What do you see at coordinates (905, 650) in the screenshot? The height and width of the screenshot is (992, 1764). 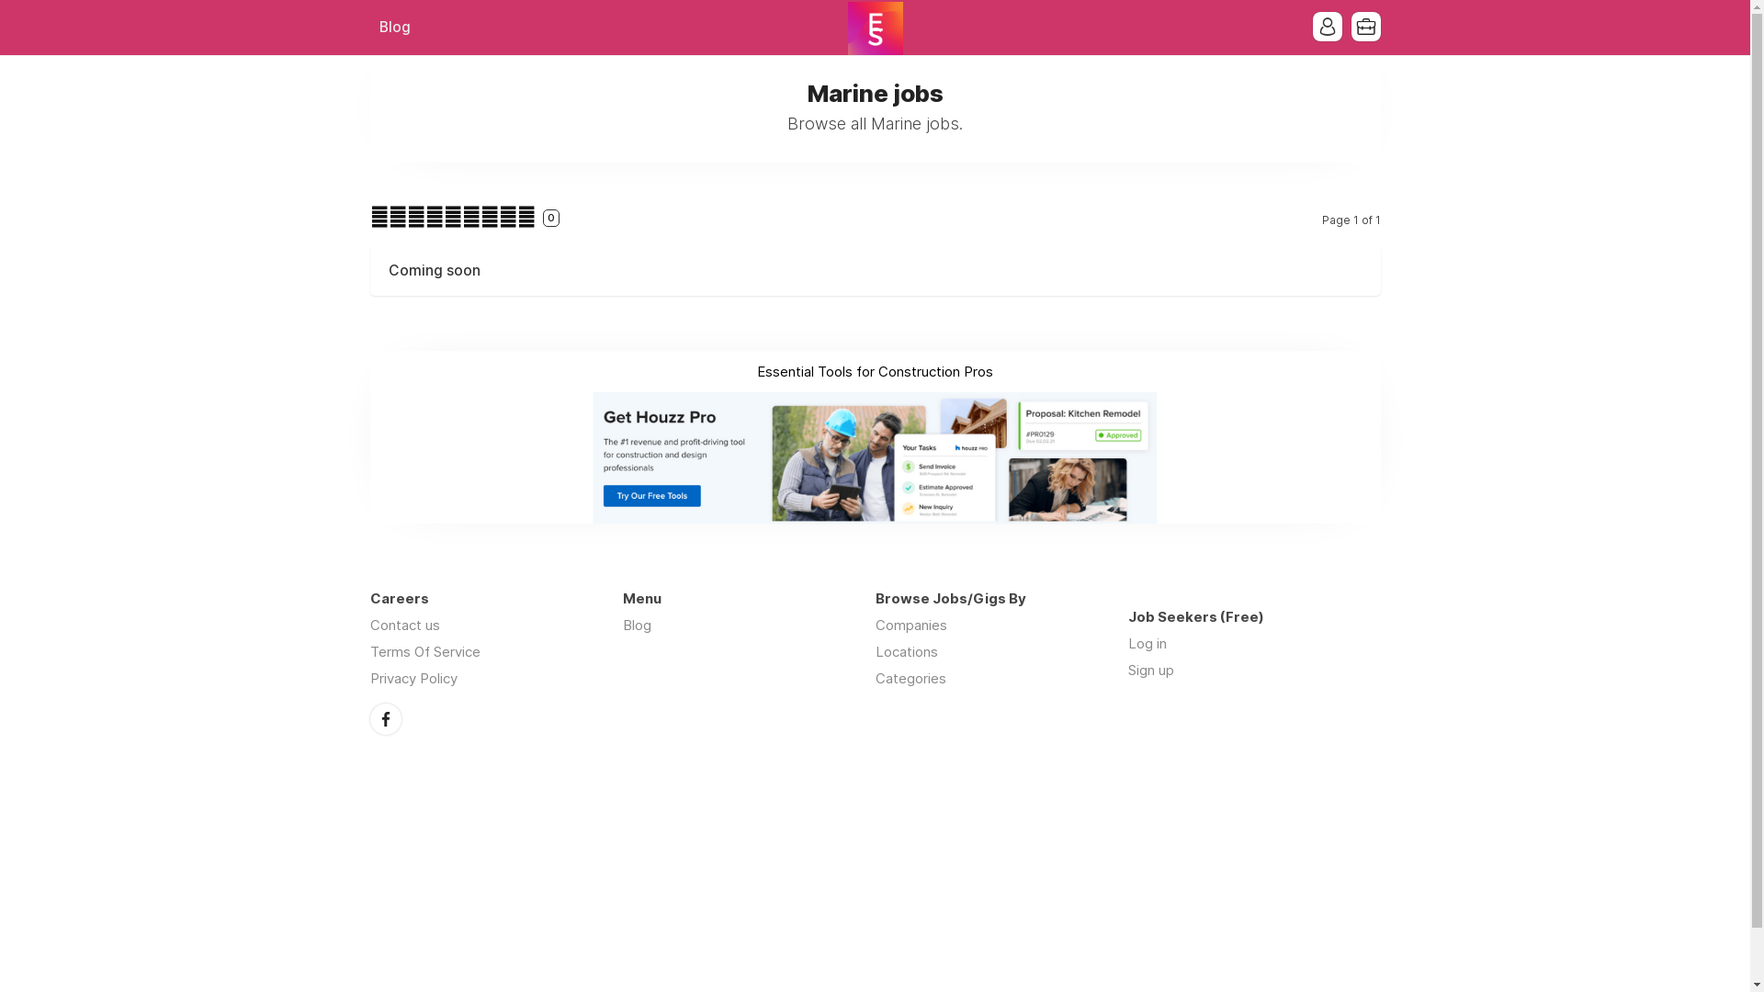 I see `'Locations'` at bounding box center [905, 650].